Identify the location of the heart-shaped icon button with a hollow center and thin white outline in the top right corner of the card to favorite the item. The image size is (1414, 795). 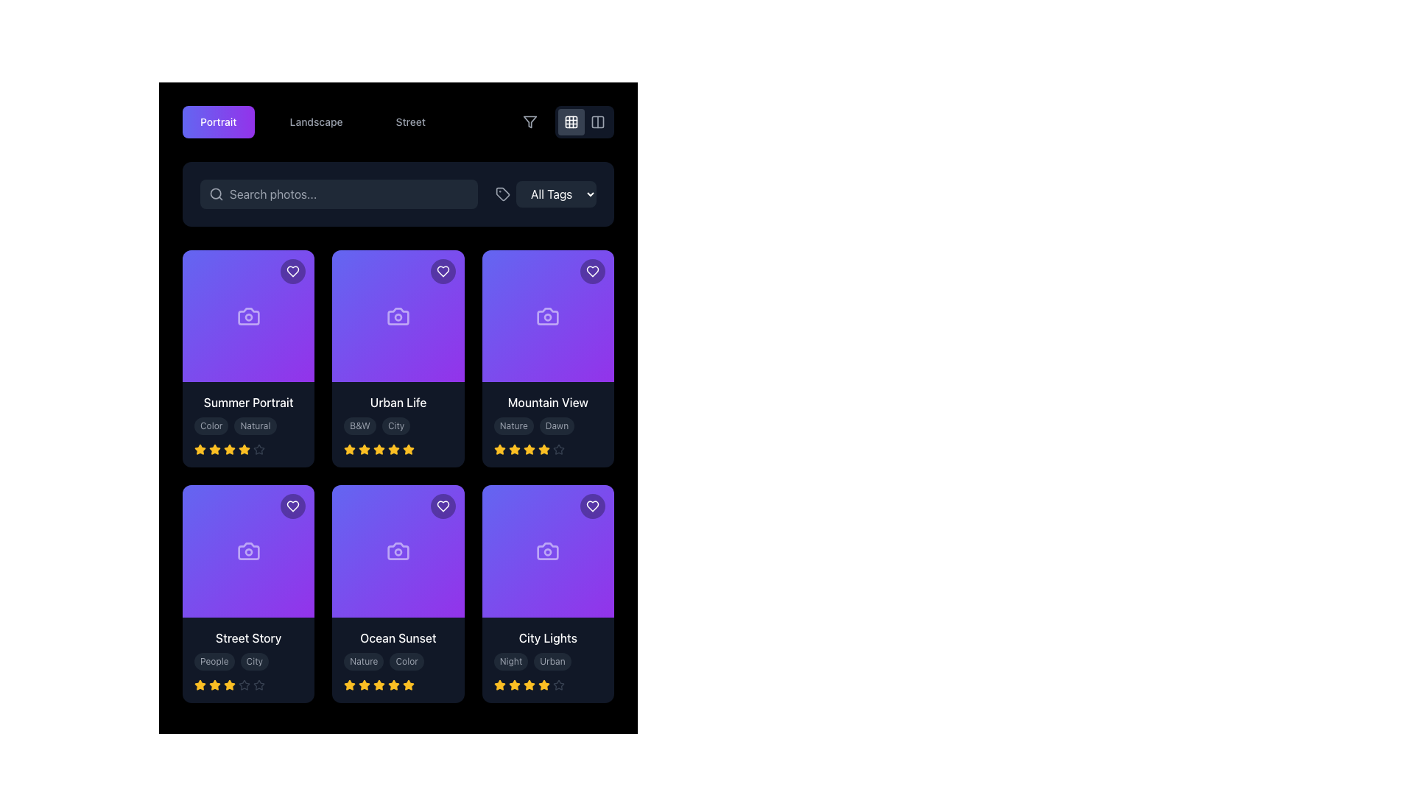
(293, 272).